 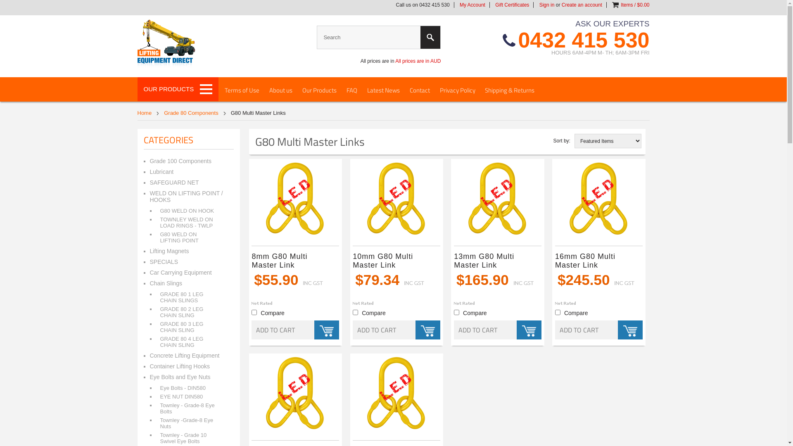 What do you see at coordinates (615, 5) in the screenshot?
I see `'View Cart'` at bounding box center [615, 5].